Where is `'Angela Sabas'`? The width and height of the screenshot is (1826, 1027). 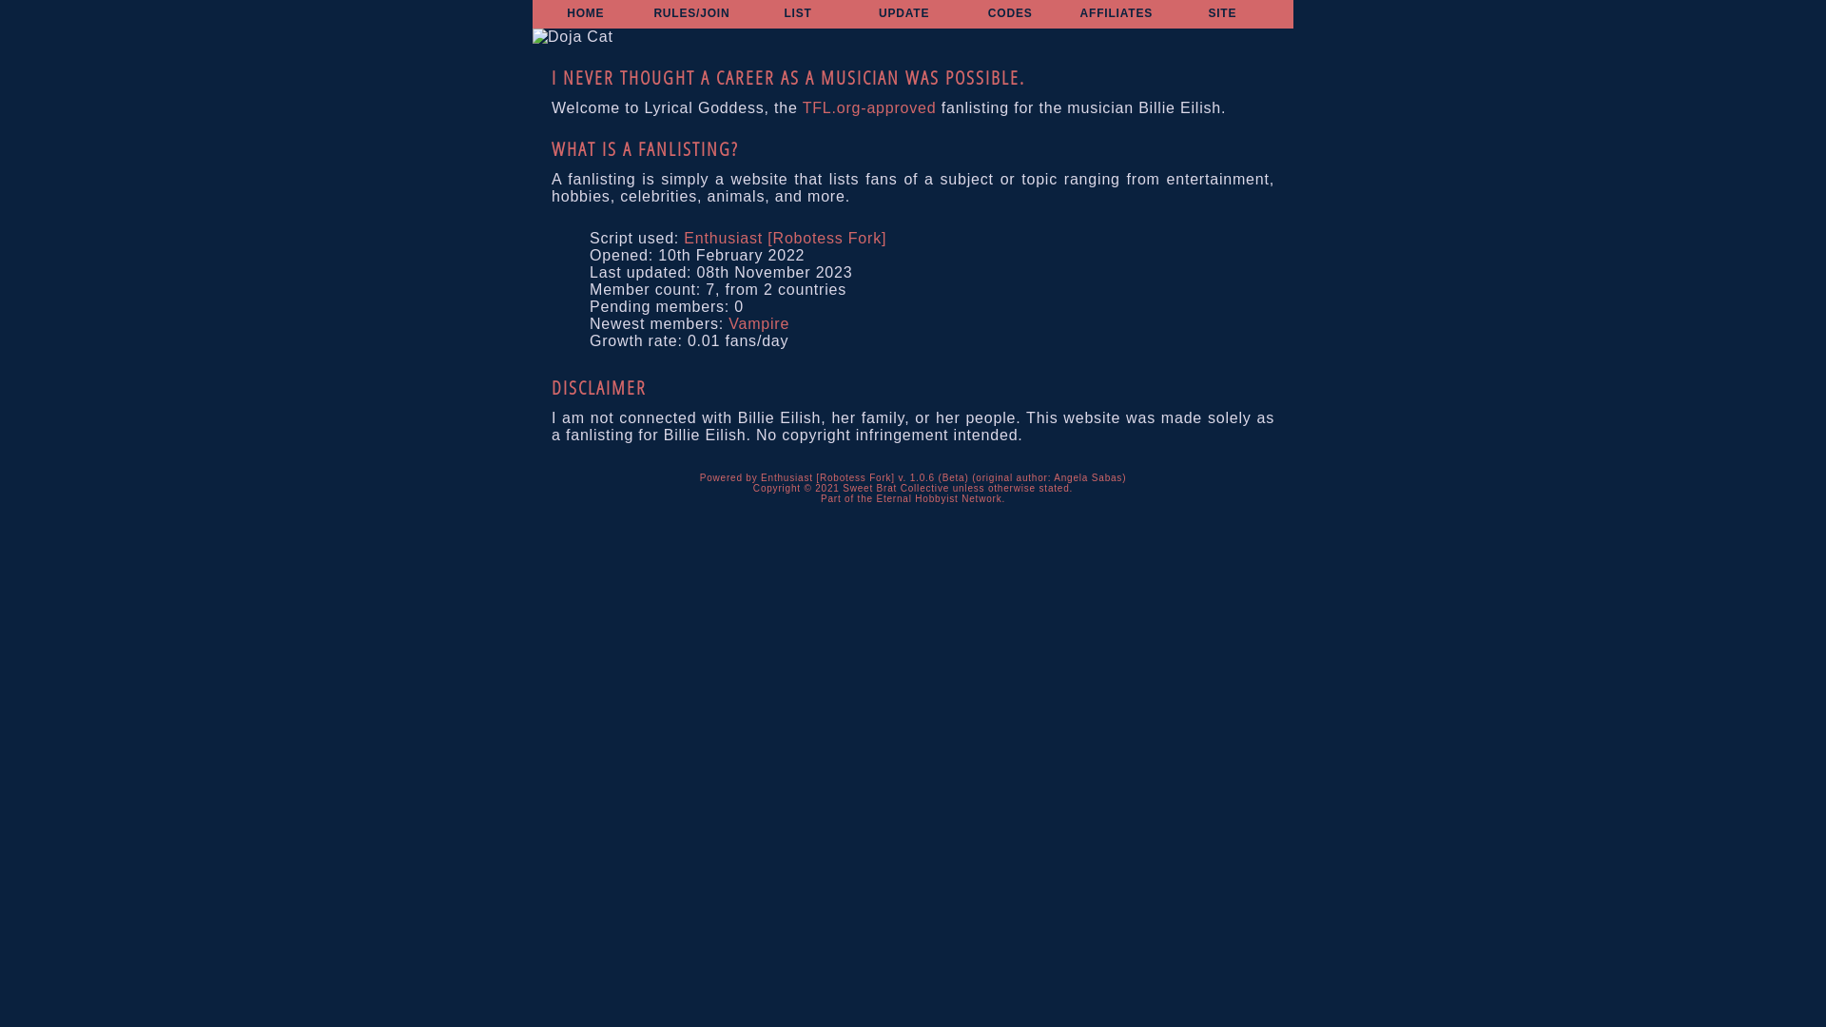
'Angela Sabas' is located at coordinates (1087, 476).